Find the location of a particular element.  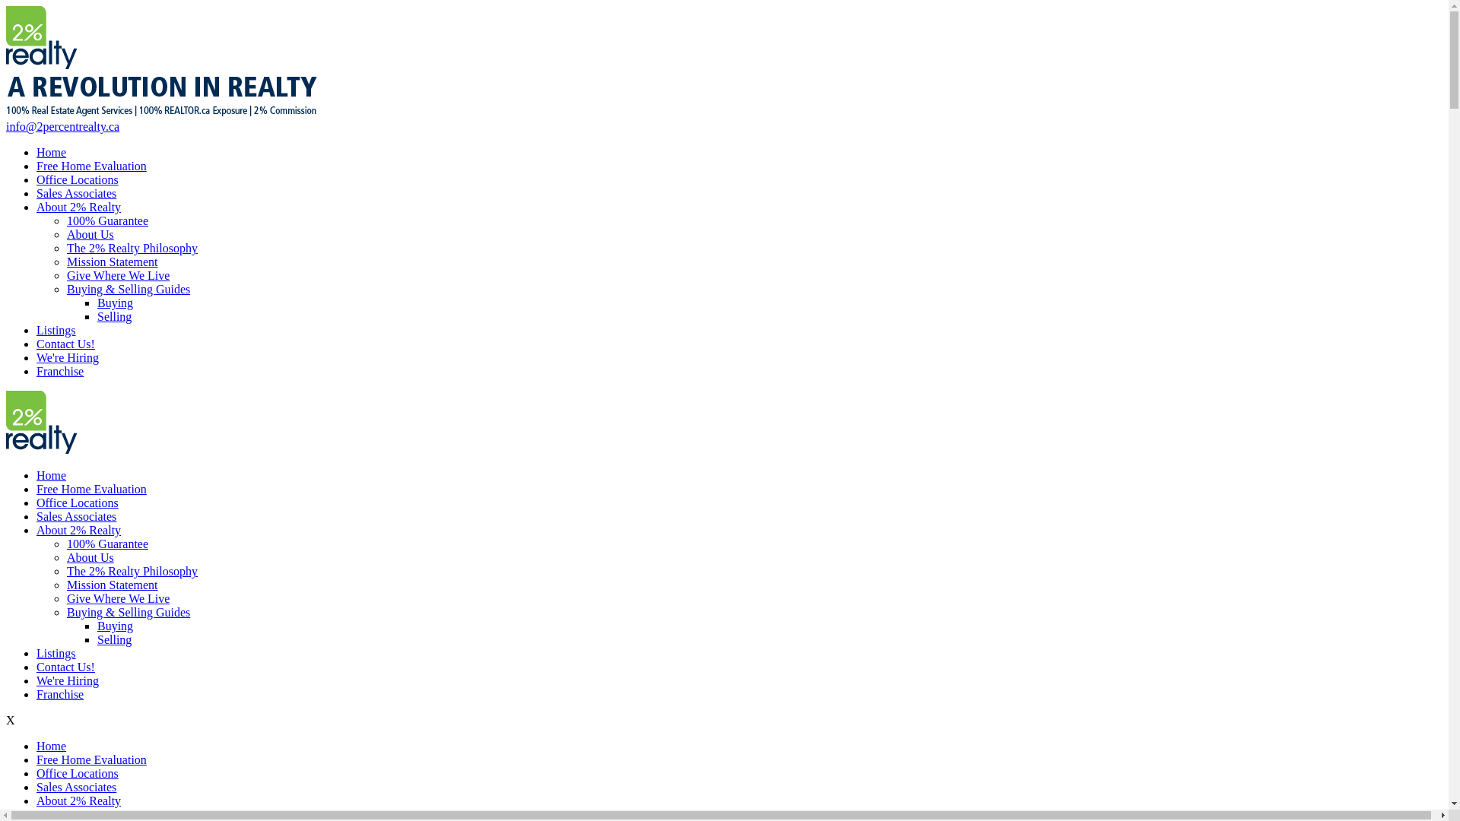

'Buying' is located at coordinates (97, 626).